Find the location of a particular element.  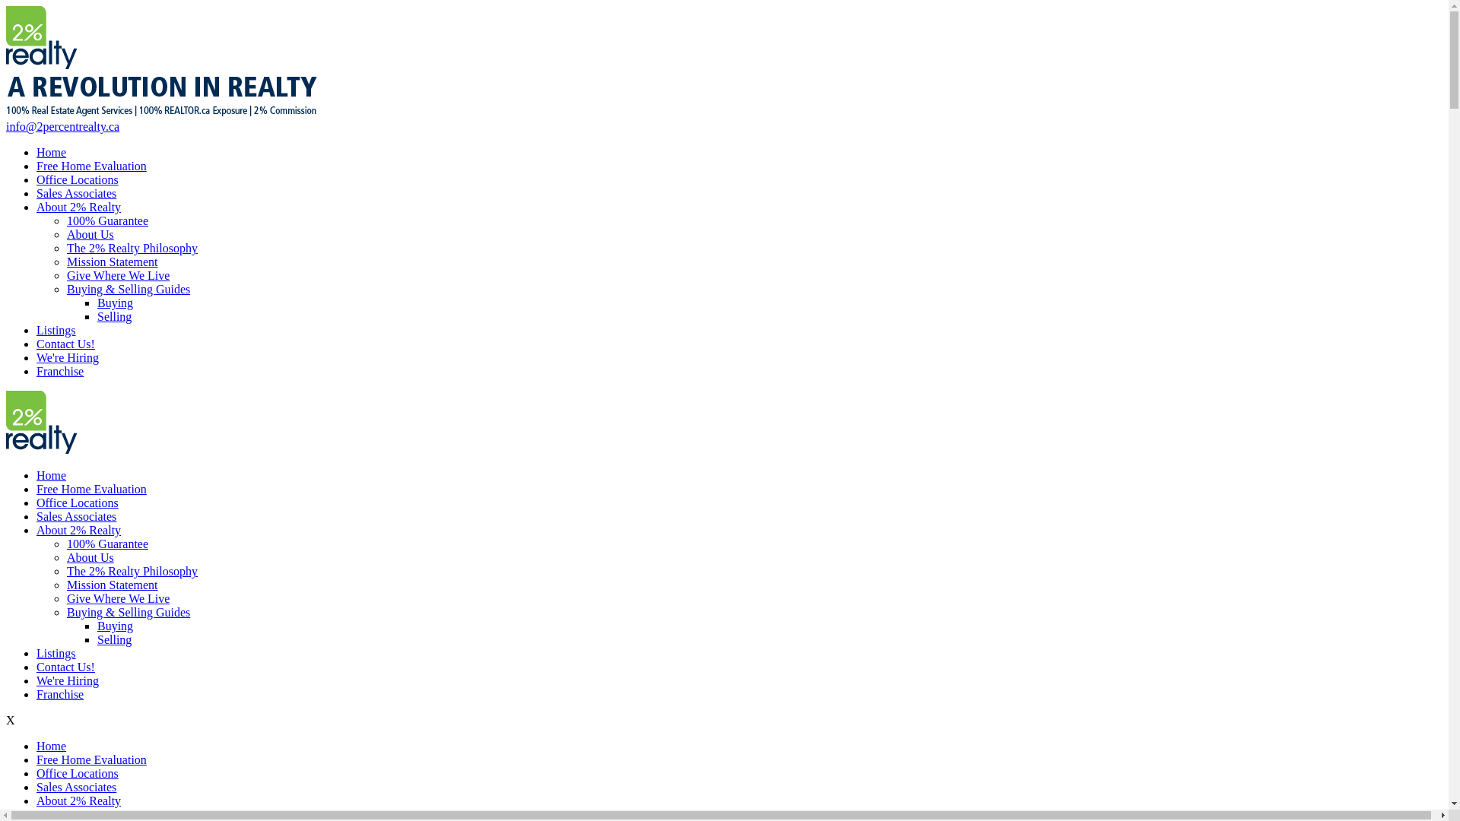

'Buying' is located at coordinates (97, 626).